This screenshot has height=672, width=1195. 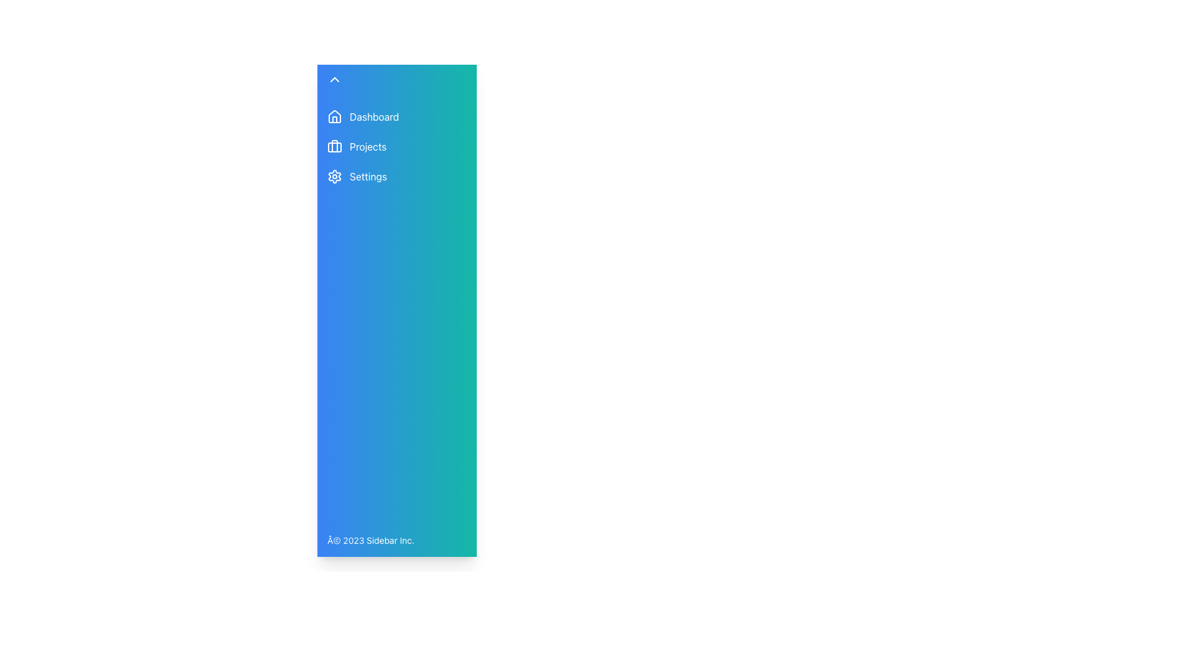 I want to click on the text element reading '© 2023 Sidebar Inc.' located at the bottom of the sidebar, which is styled with a small font size and centered horizontally against a gradient blue-green background, so click(x=370, y=539).